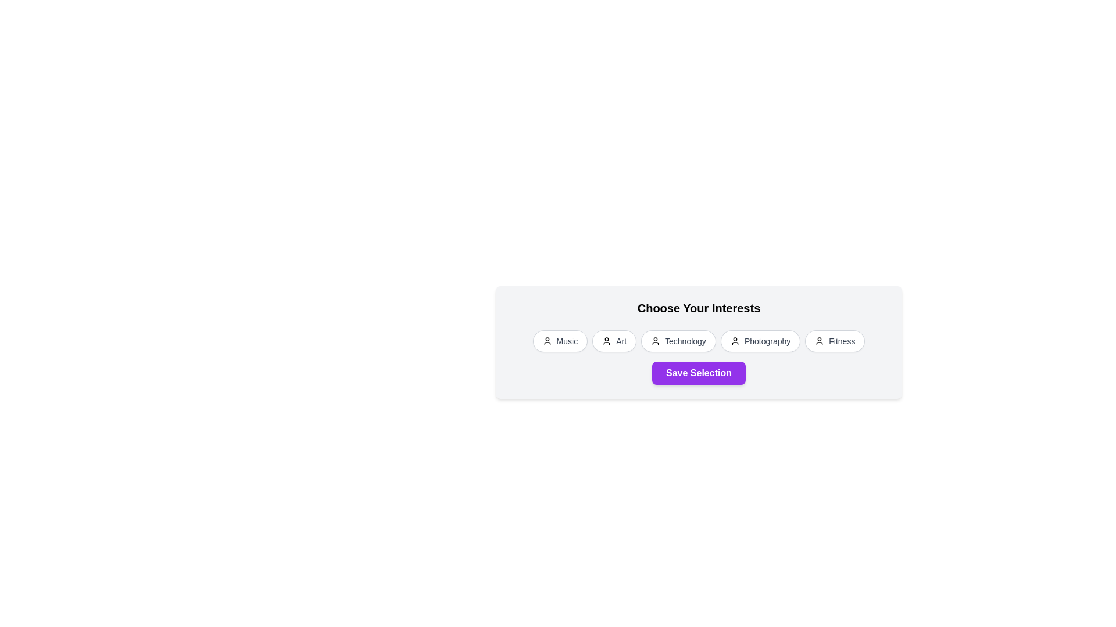 The height and width of the screenshot is (627, 1116). I want to click on the interest chip labeled Photography by clicking on it, so click(760, 340).